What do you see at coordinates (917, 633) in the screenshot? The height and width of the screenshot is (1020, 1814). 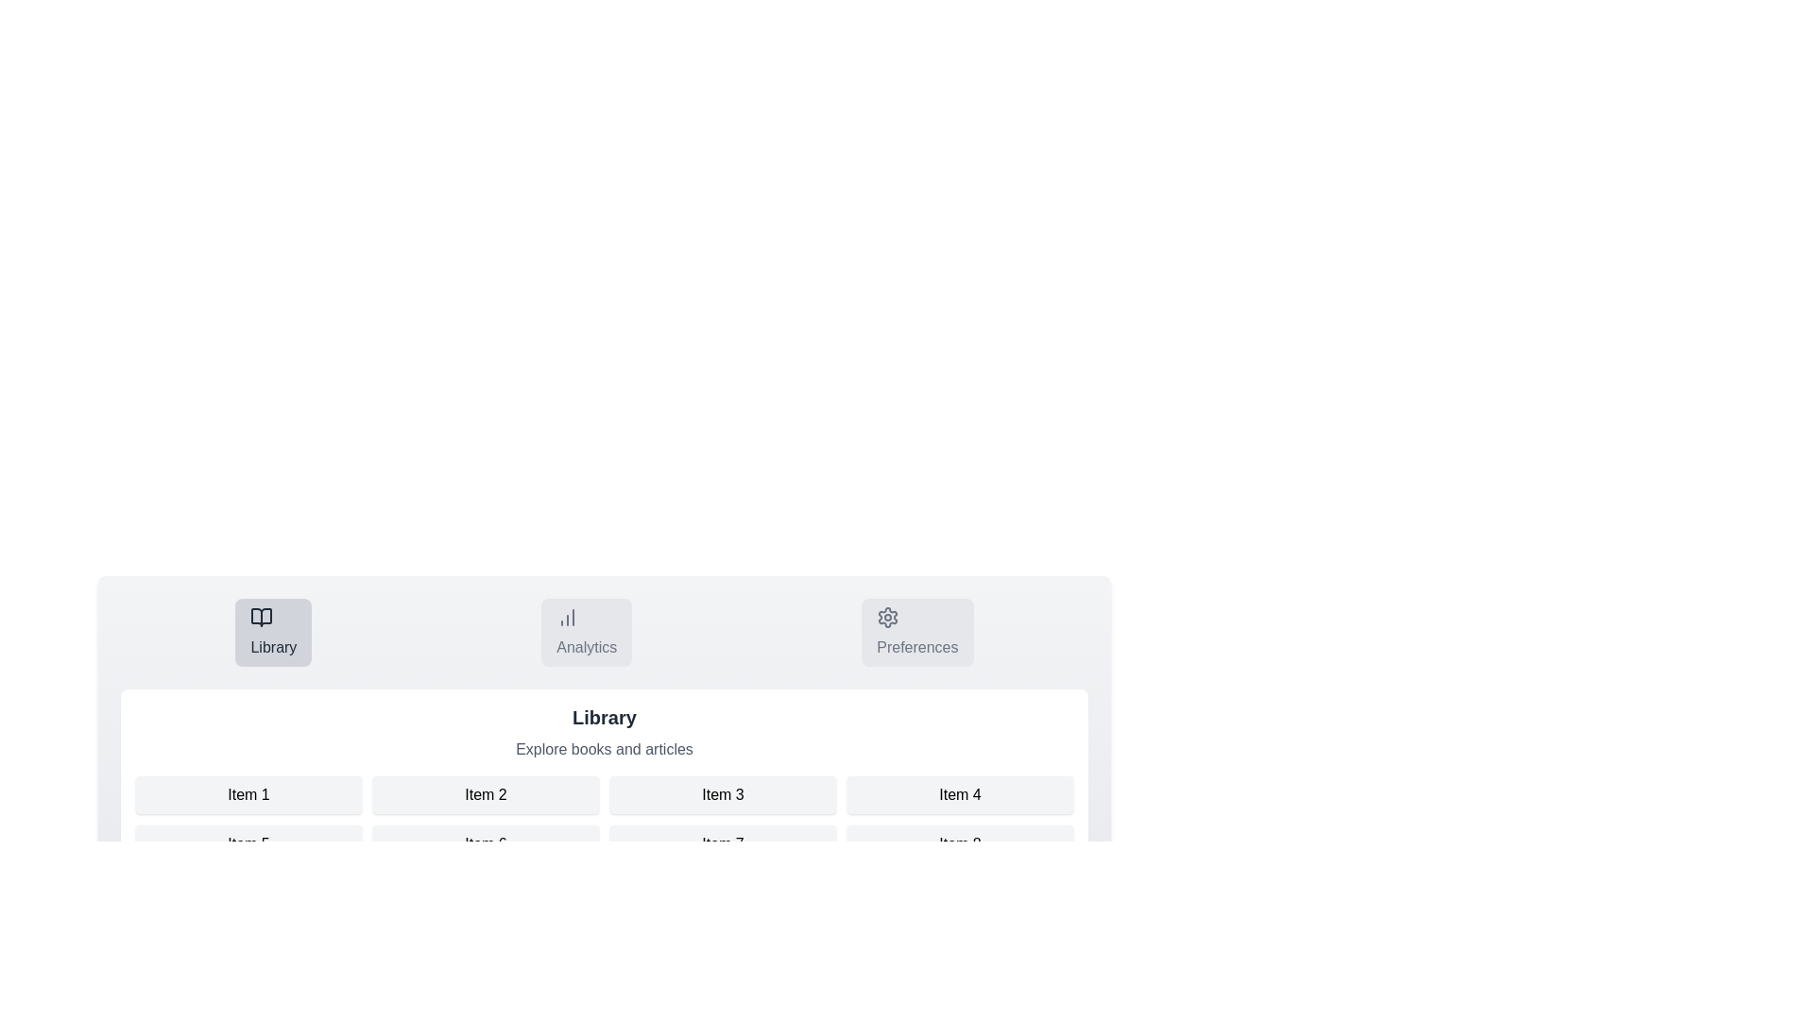 I see `the Preferences tab` at bounding box center [917, 633].